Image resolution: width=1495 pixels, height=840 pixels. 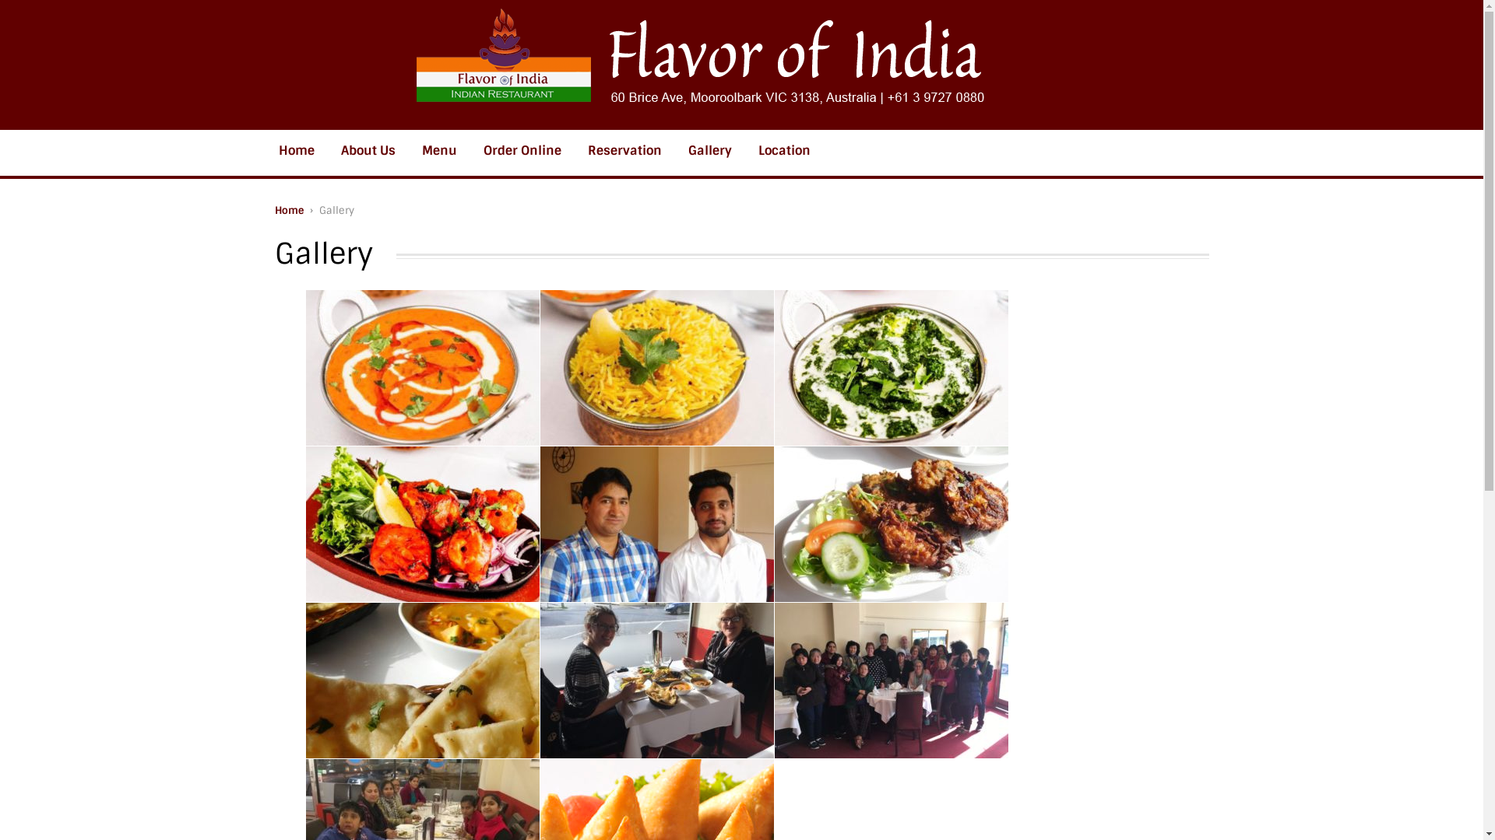 What do you see at coordinates (624, 150) in the screenshot?
I see `'Reservation'` at bounding box center [624, 150].